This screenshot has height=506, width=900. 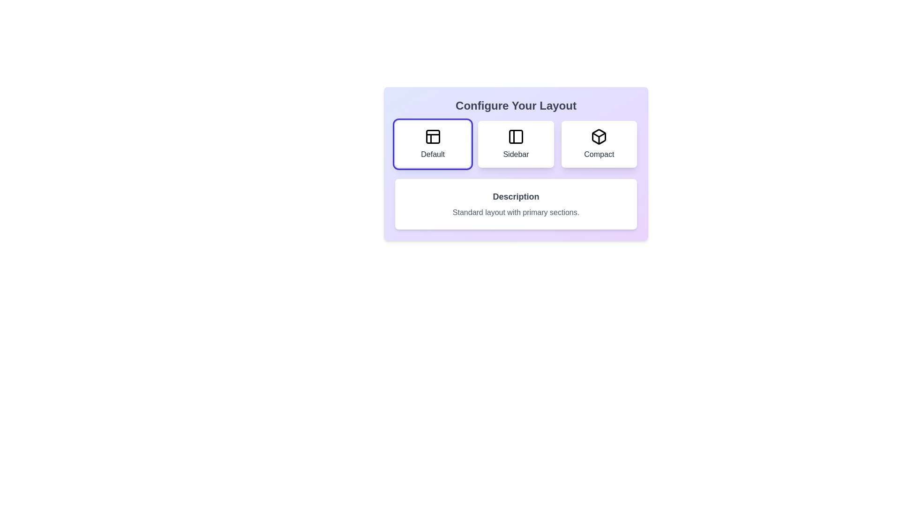 What do you see at coordinates (515, 144) in the screenshot?
I see `the layout option Sidebar for visual inspection` at bounding box center [515, 144].